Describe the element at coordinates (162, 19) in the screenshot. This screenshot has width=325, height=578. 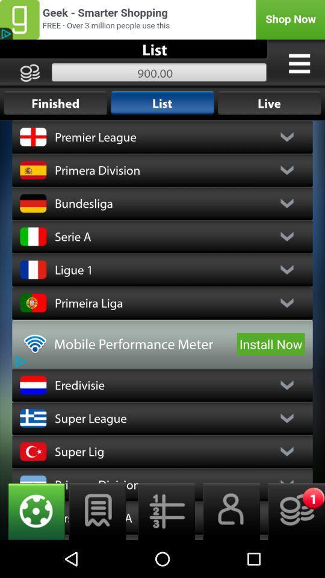
I see `advertisement at top` at that location.